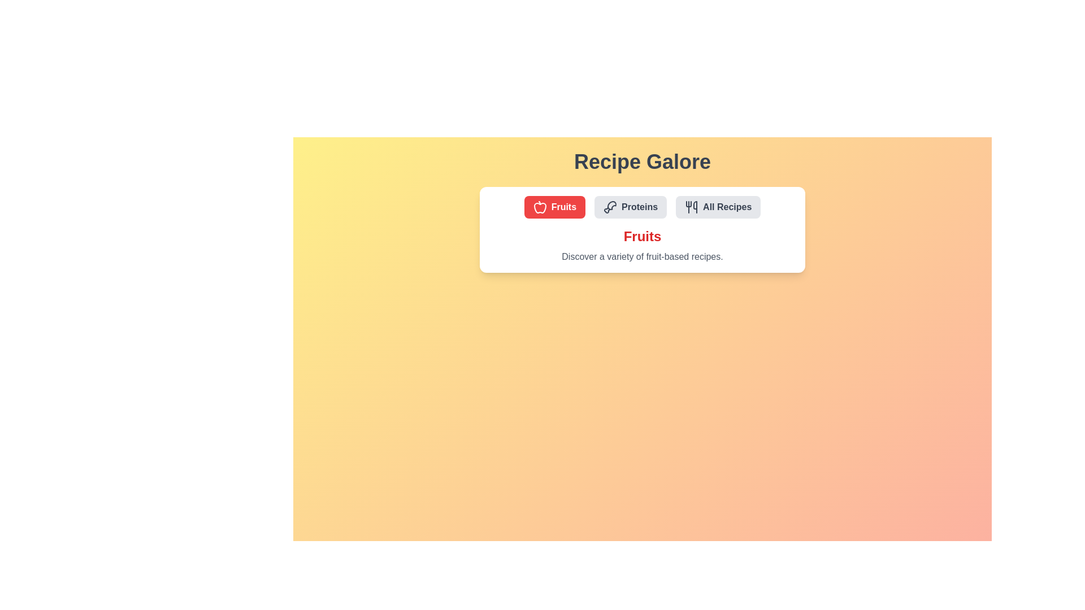  Describe the element at coordinates (630, 207) in the screenshot. I see `the button labeled Proteins to observe the hover effect` at that location.